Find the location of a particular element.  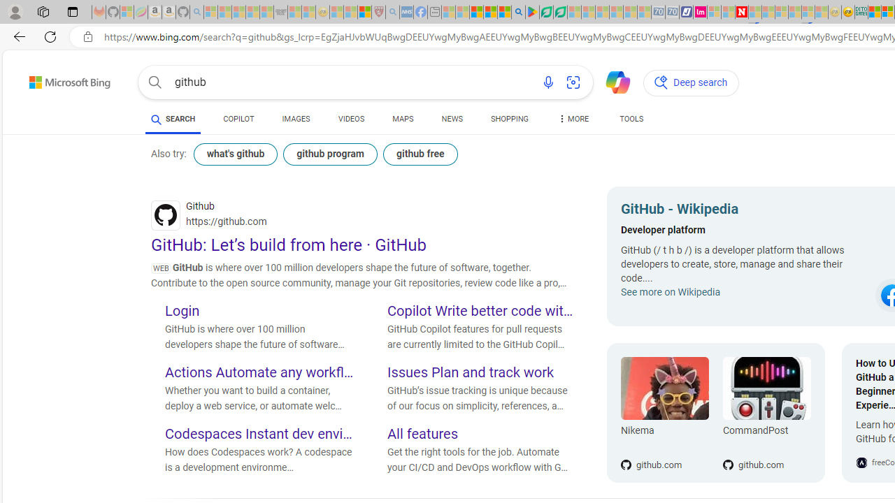

'New Report Confirms 2023 Was Record Hot | Watch - Sleeping' is located at coordinates (266, 12).